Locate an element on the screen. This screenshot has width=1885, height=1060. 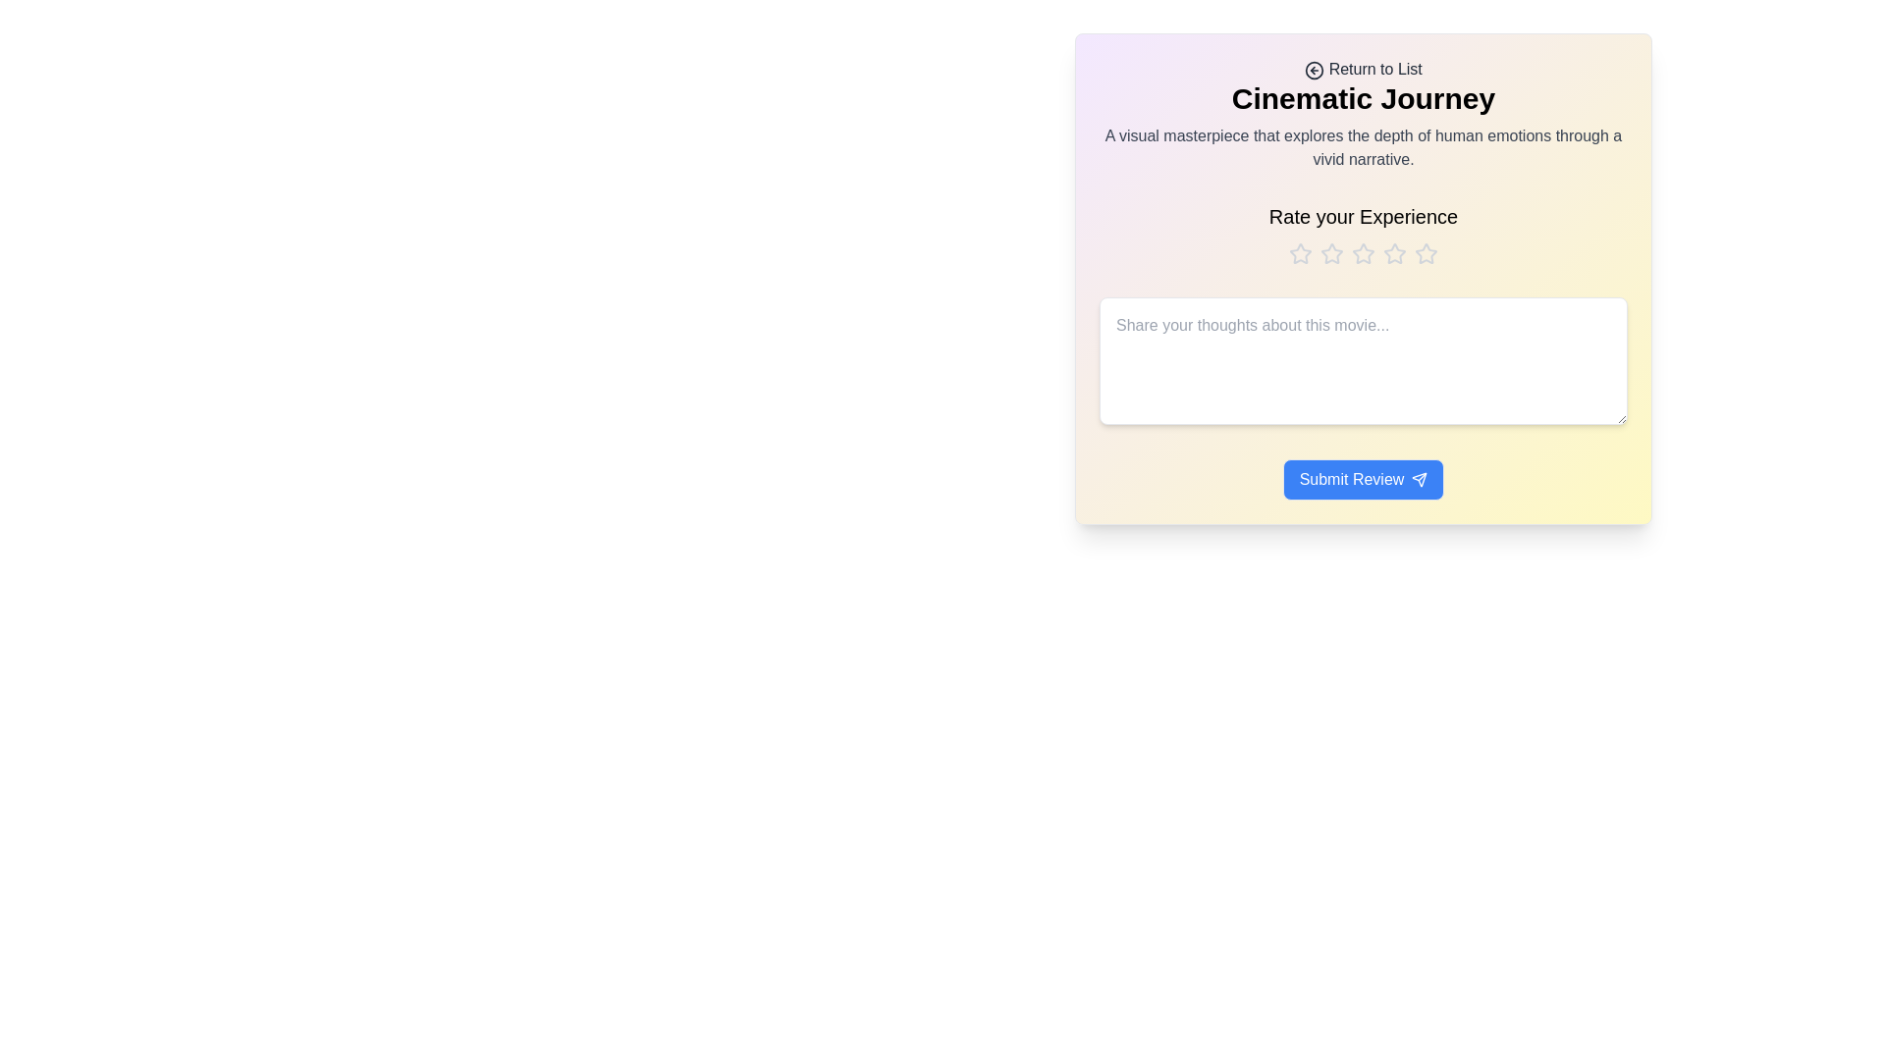
the decorative icon adjacent to the 'Submit Review' button to emphasize its purpose is located at coordinates (1420, 480).